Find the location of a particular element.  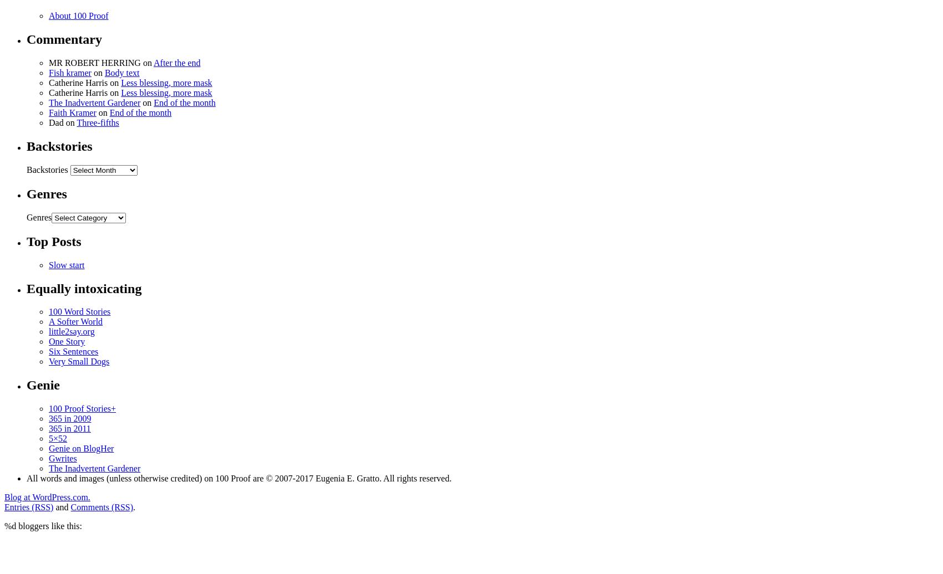

'About 100 Proof' is located at coordinates (78, 16).